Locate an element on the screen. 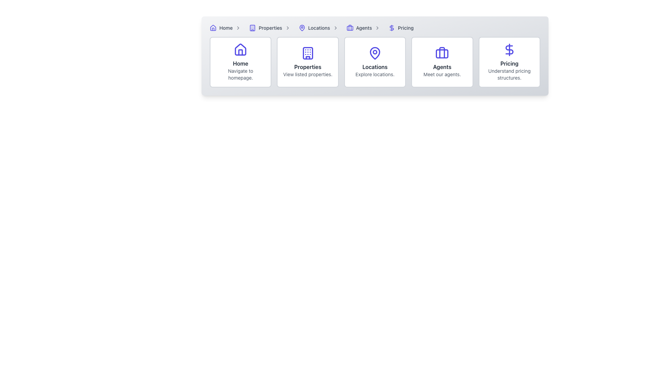 The height and width of the screenshot is (369, 657). the 'Locations' link in the breadcrumb navigation, which features a purple location pin icon and is positioned before the '>' symbol is located at coordinates (319, 27).